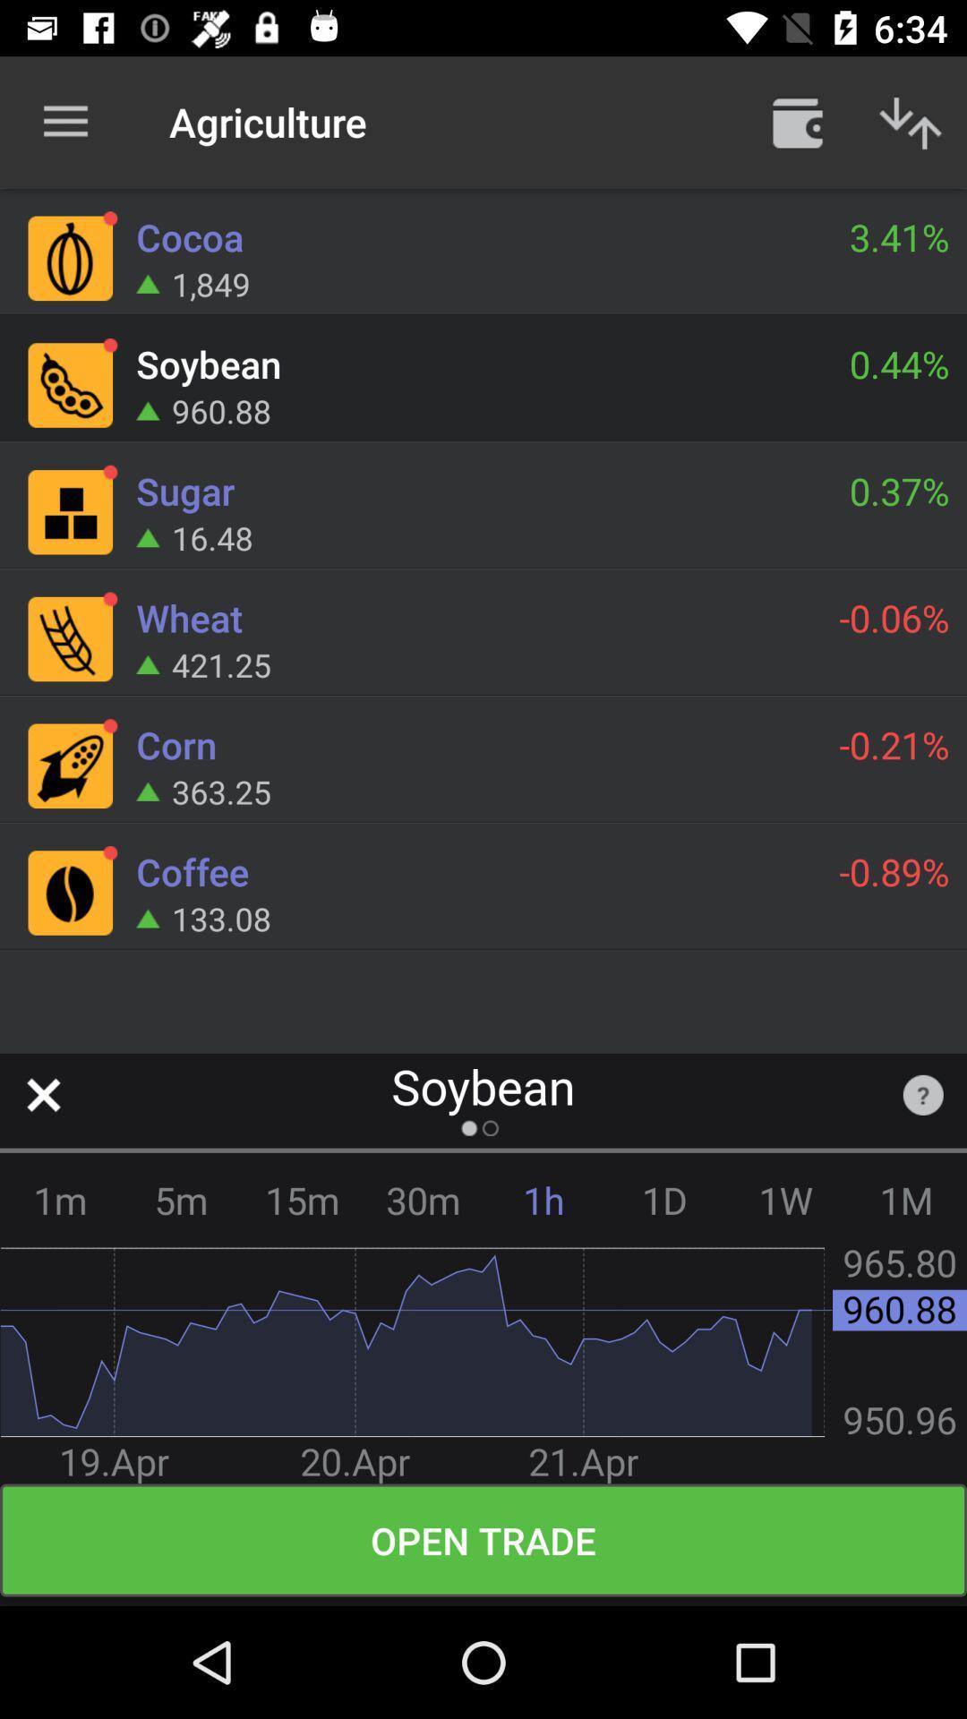 This screenshot has height=1719, width=967. Describe the element at coordinates (301, 1200) in the screenshot. I see `the icon to the left of 30m icon` at that location.